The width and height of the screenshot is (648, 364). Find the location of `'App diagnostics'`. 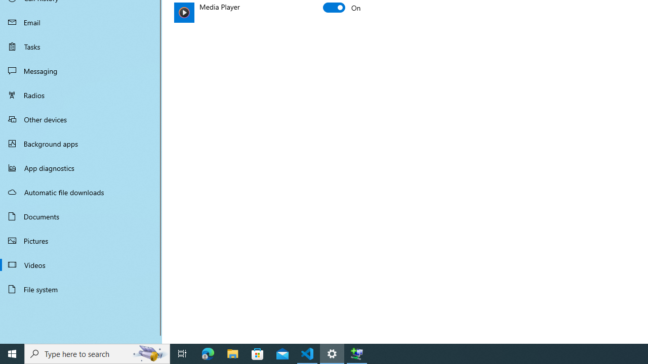

'App diagnostics' is located at coordinates (81, 167).